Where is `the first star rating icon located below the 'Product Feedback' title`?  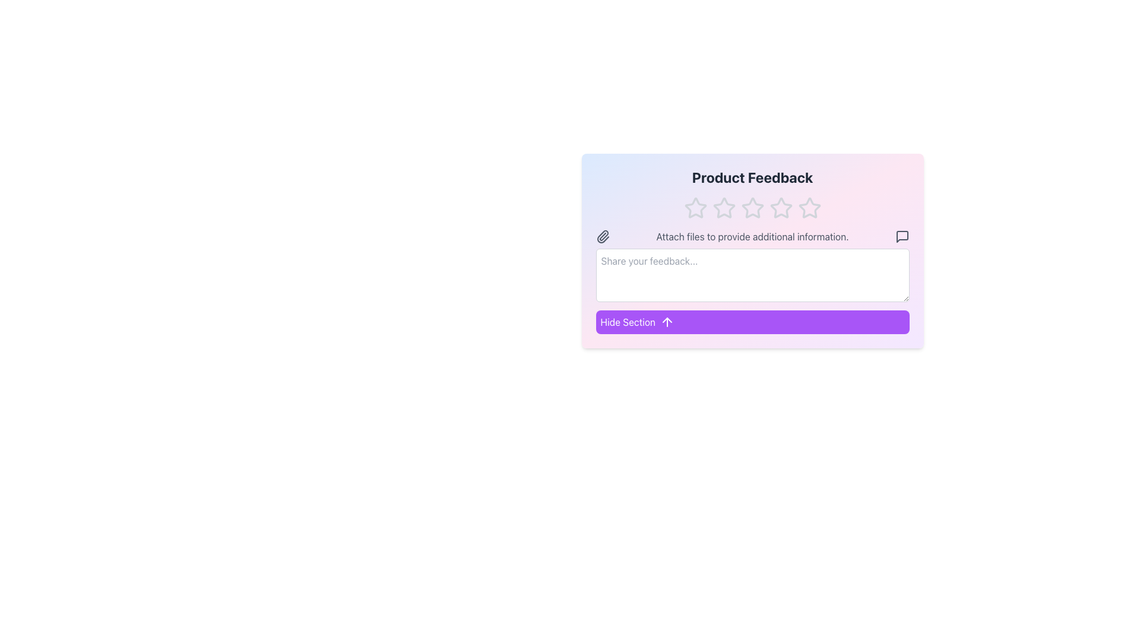
the first star rating icon located below the 'Product Feedback' title is located at coordinates (695, 207).